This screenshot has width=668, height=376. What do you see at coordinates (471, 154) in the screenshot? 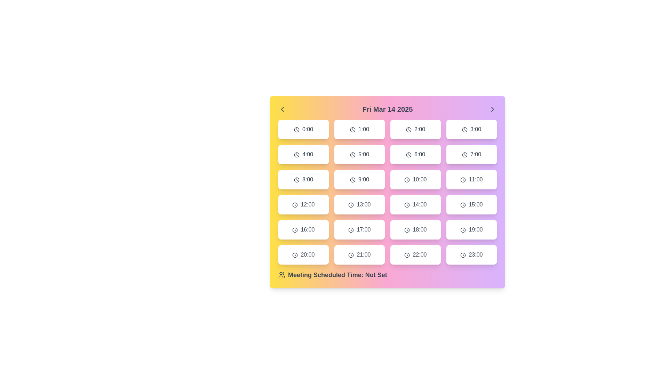
I see `the time slot selection button for '7:00' to confirm the selection` at bounding box center [471, 154].